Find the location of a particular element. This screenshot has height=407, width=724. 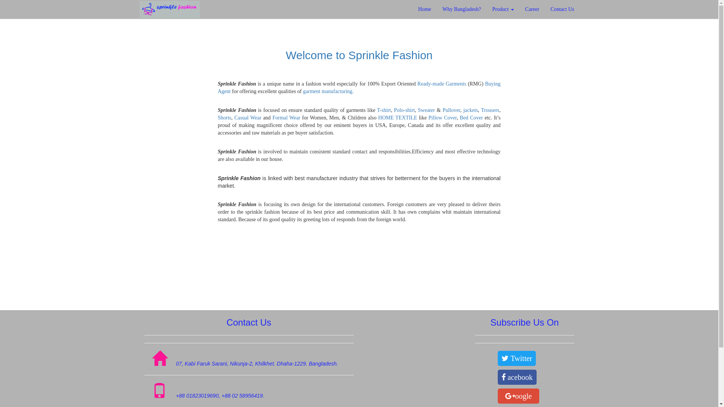

'Trousers' is located at coordinates (490, 110).